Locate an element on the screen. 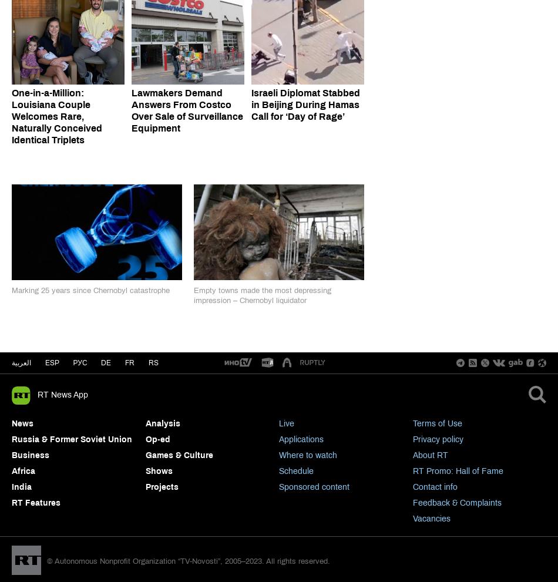 The image size is (558, 582). 'RT Features' is located at coordinates (36, 502).